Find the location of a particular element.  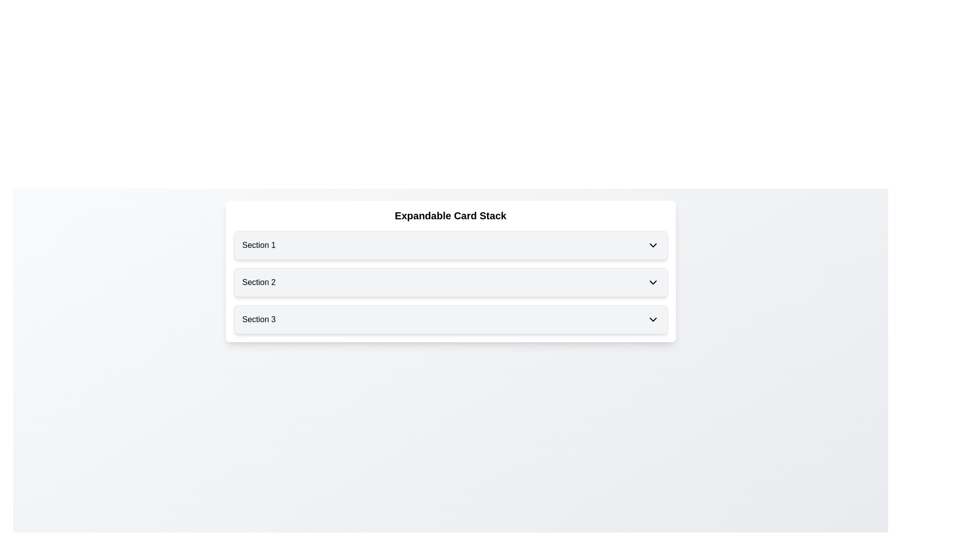

the chevron icon located to the far right of the 'Section 2' button is located at coordinates (653, 283).